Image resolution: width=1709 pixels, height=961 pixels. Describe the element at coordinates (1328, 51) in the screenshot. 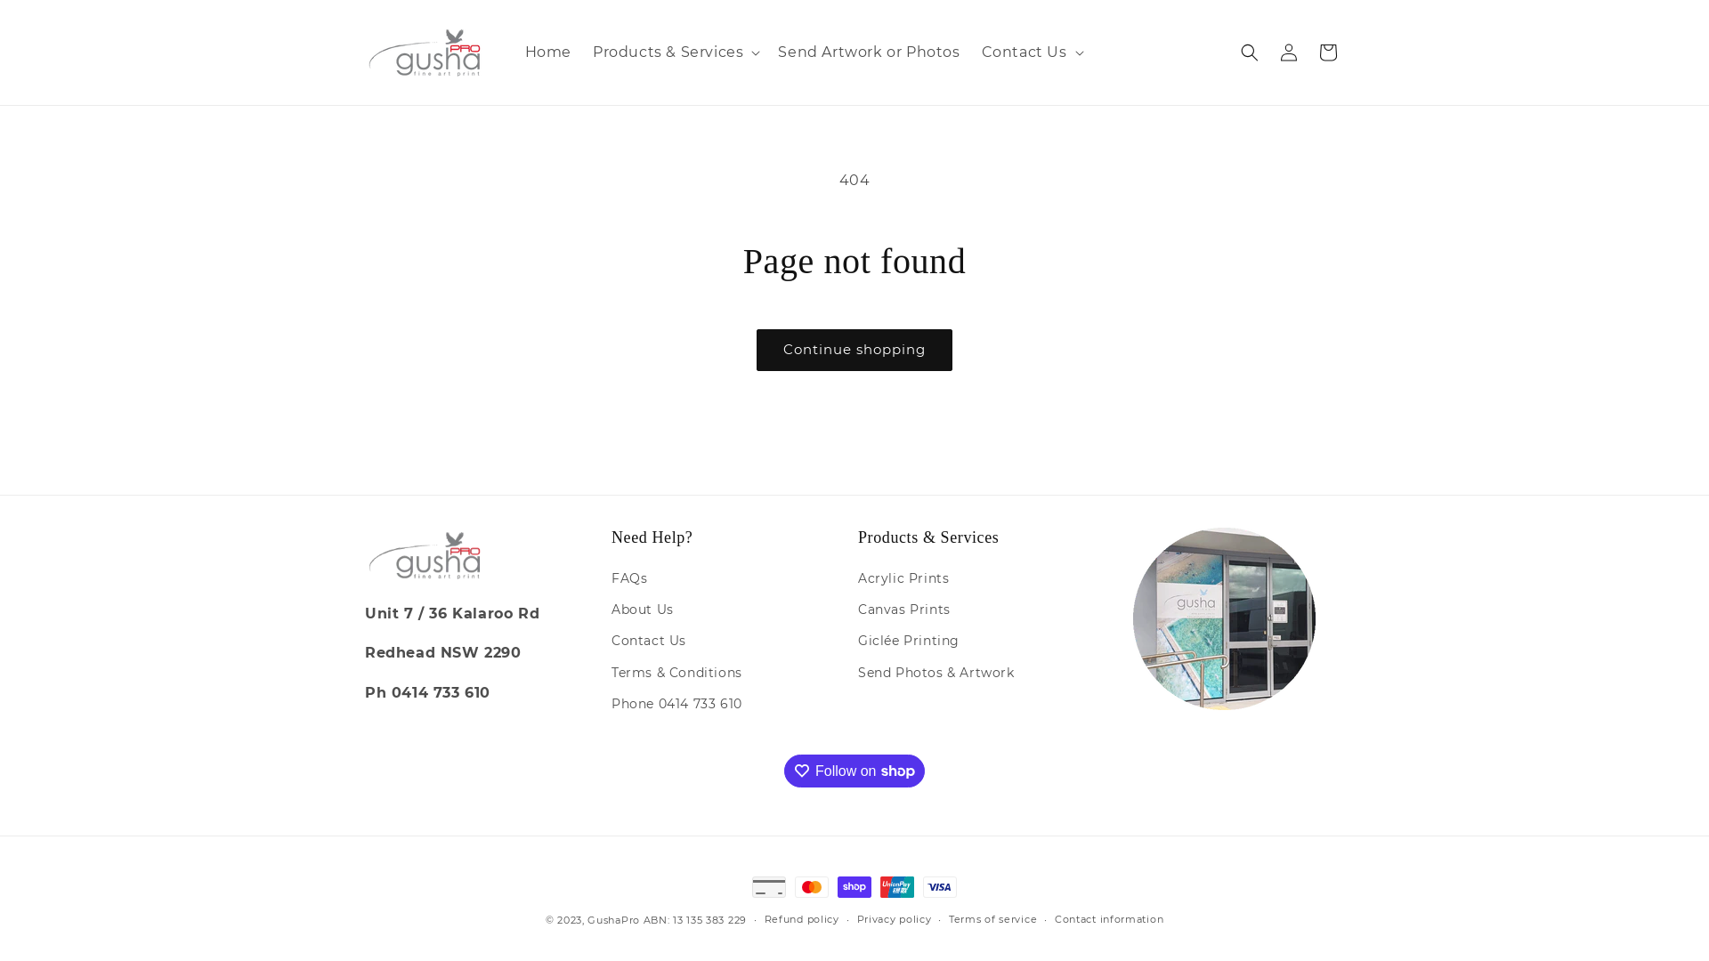

I see `'Cart'` at that location.